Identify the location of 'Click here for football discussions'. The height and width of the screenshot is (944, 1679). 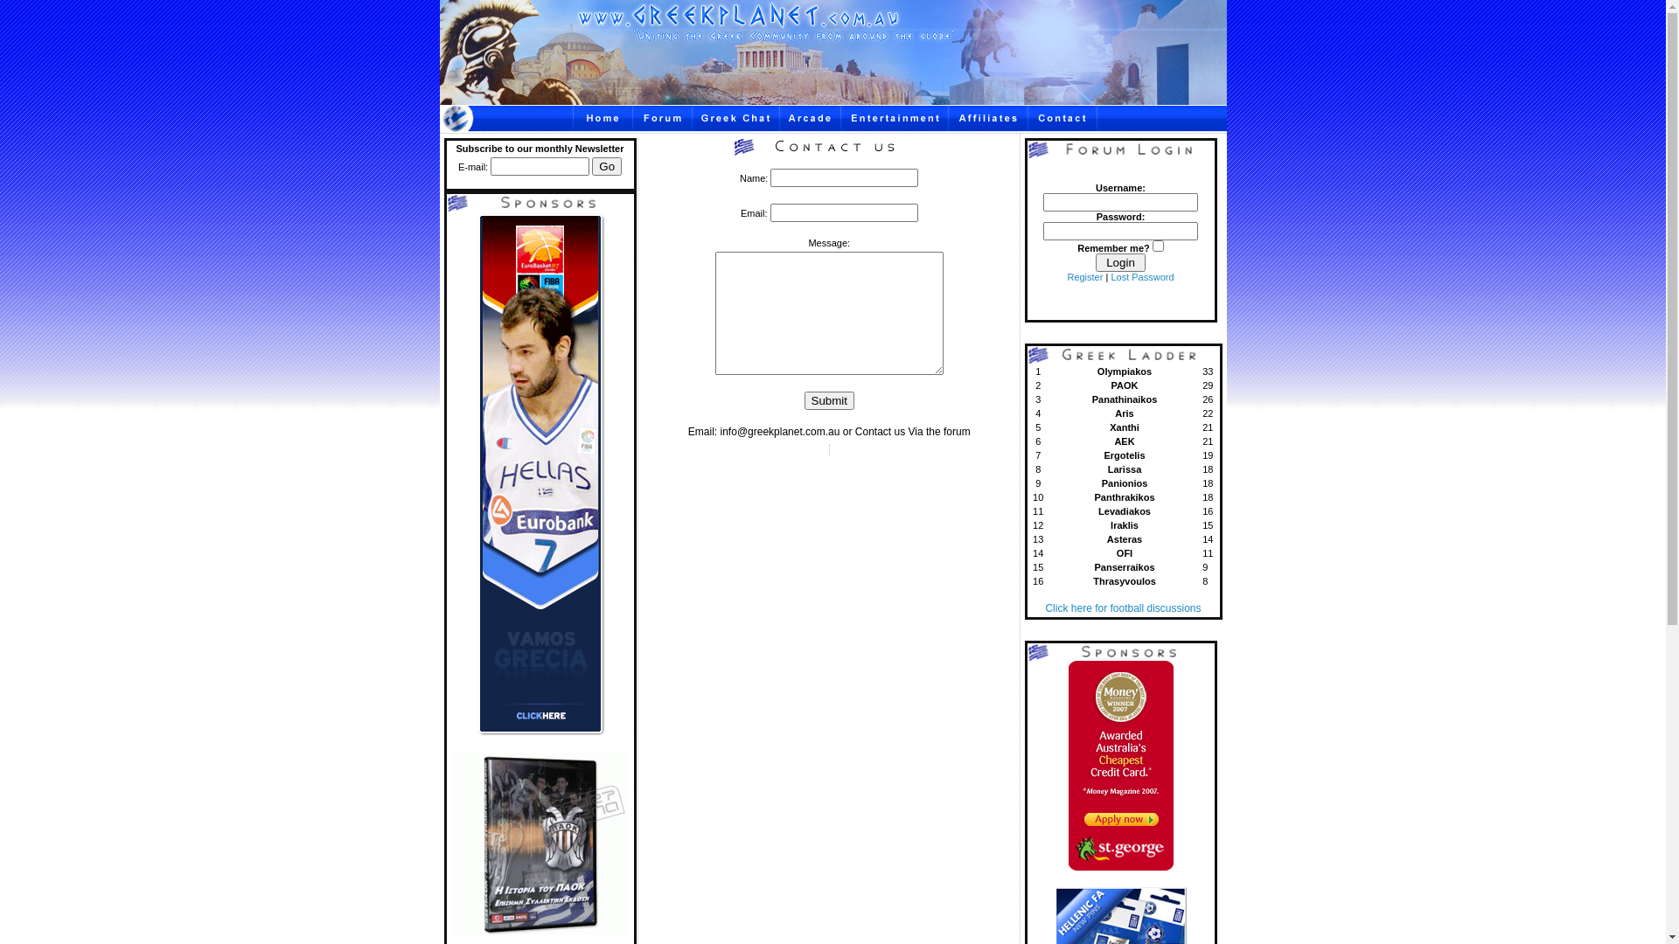
(1122, 607).